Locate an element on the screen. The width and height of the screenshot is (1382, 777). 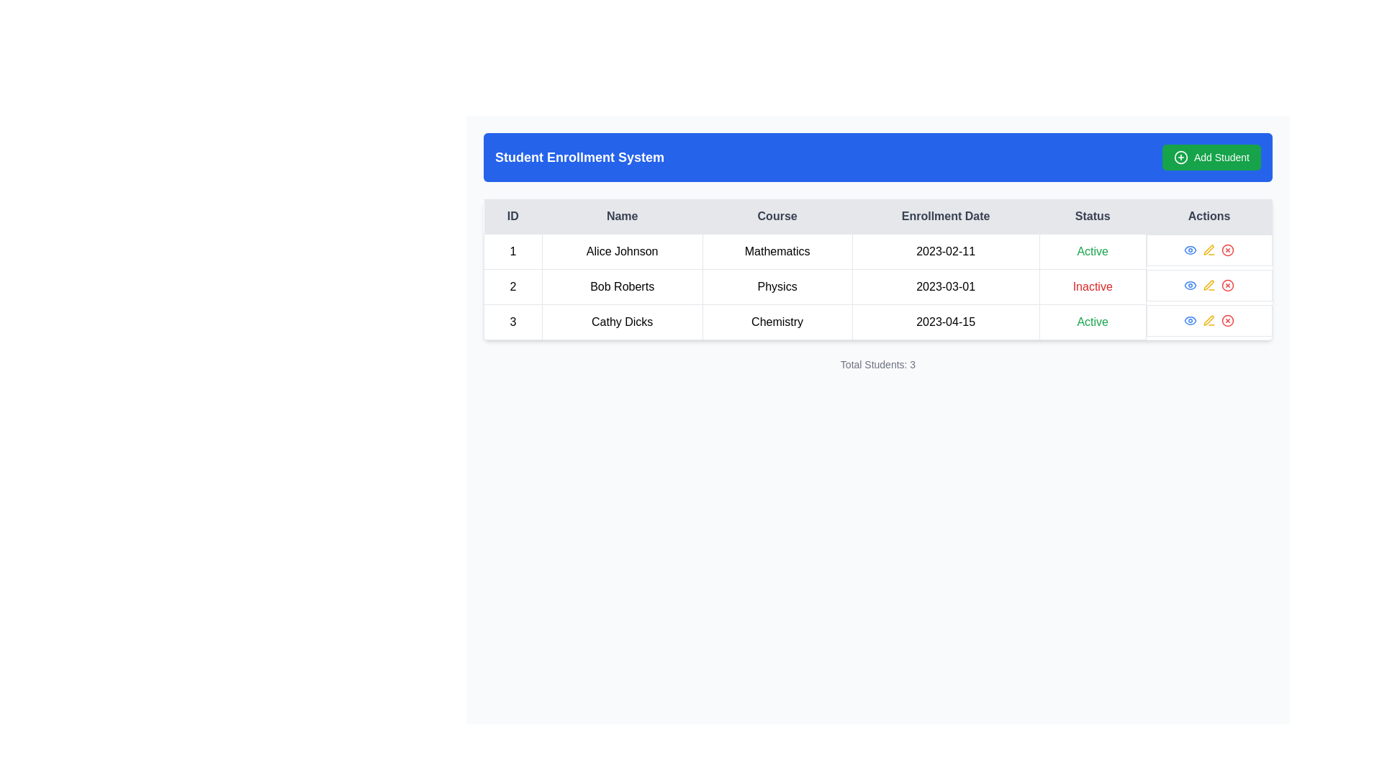
the static text label indicating the status 'Active' for student Cathy Dicks enrolled in Chemistry on 2023-04-15, located in the 'Status' column of the table is located at coordinates (1093, 321).